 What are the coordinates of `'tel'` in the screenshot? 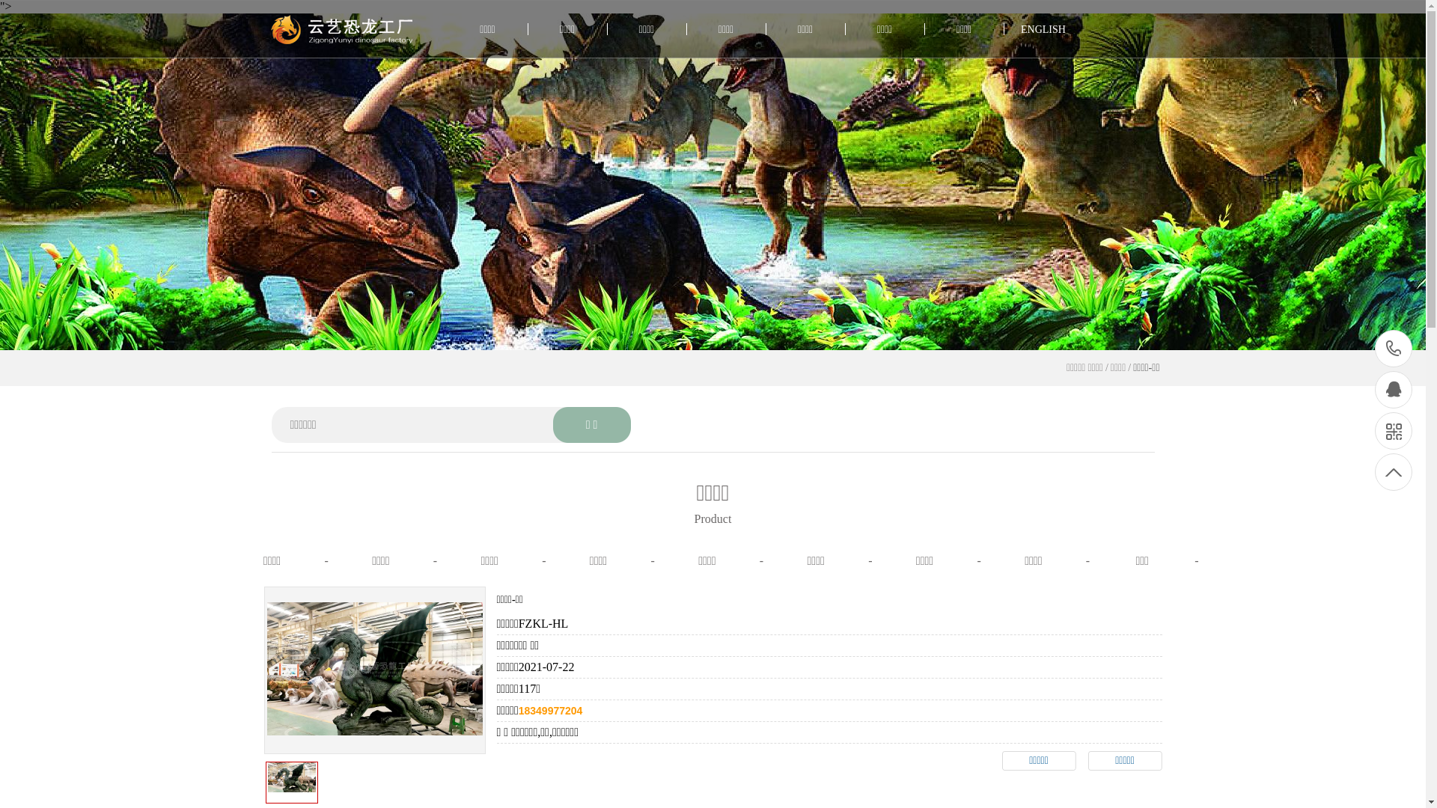 It's located at (1393, 349).